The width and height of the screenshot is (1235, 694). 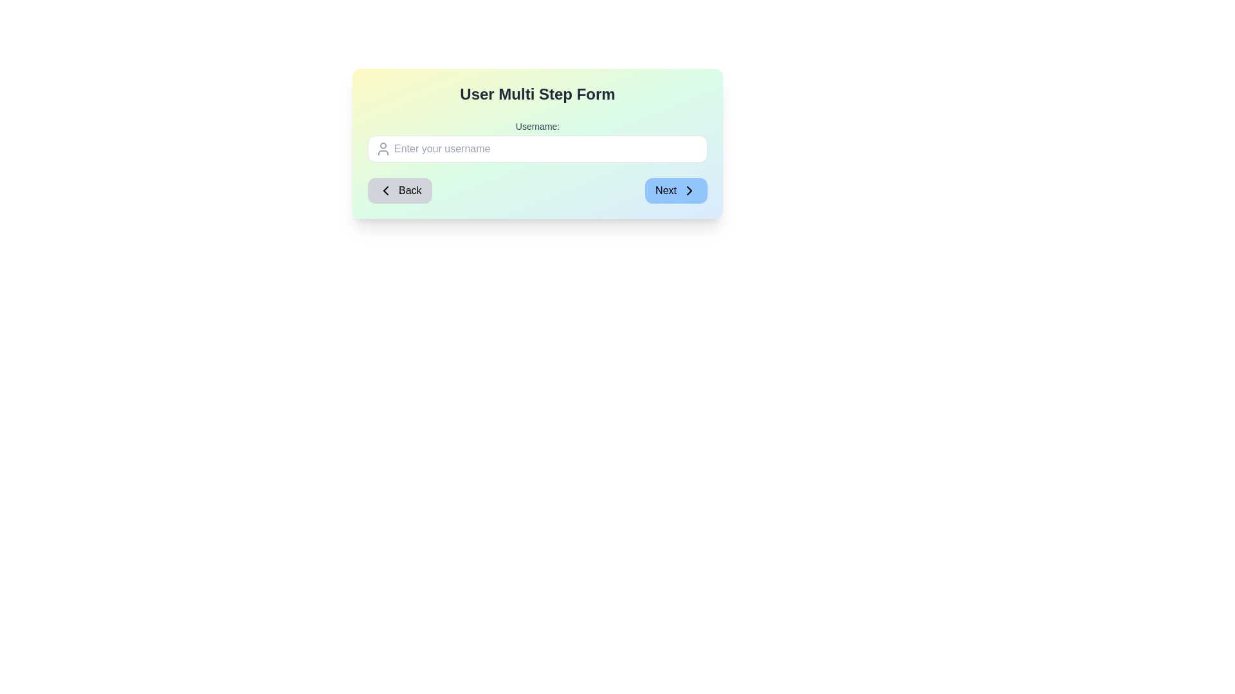 What do you see at coordinates (382, 148) in the screenshot?
I see `the user avatar icon, which is positioned to the left within the username input field of the 'User Multi Step Form'` at bounding box center [382, 148].